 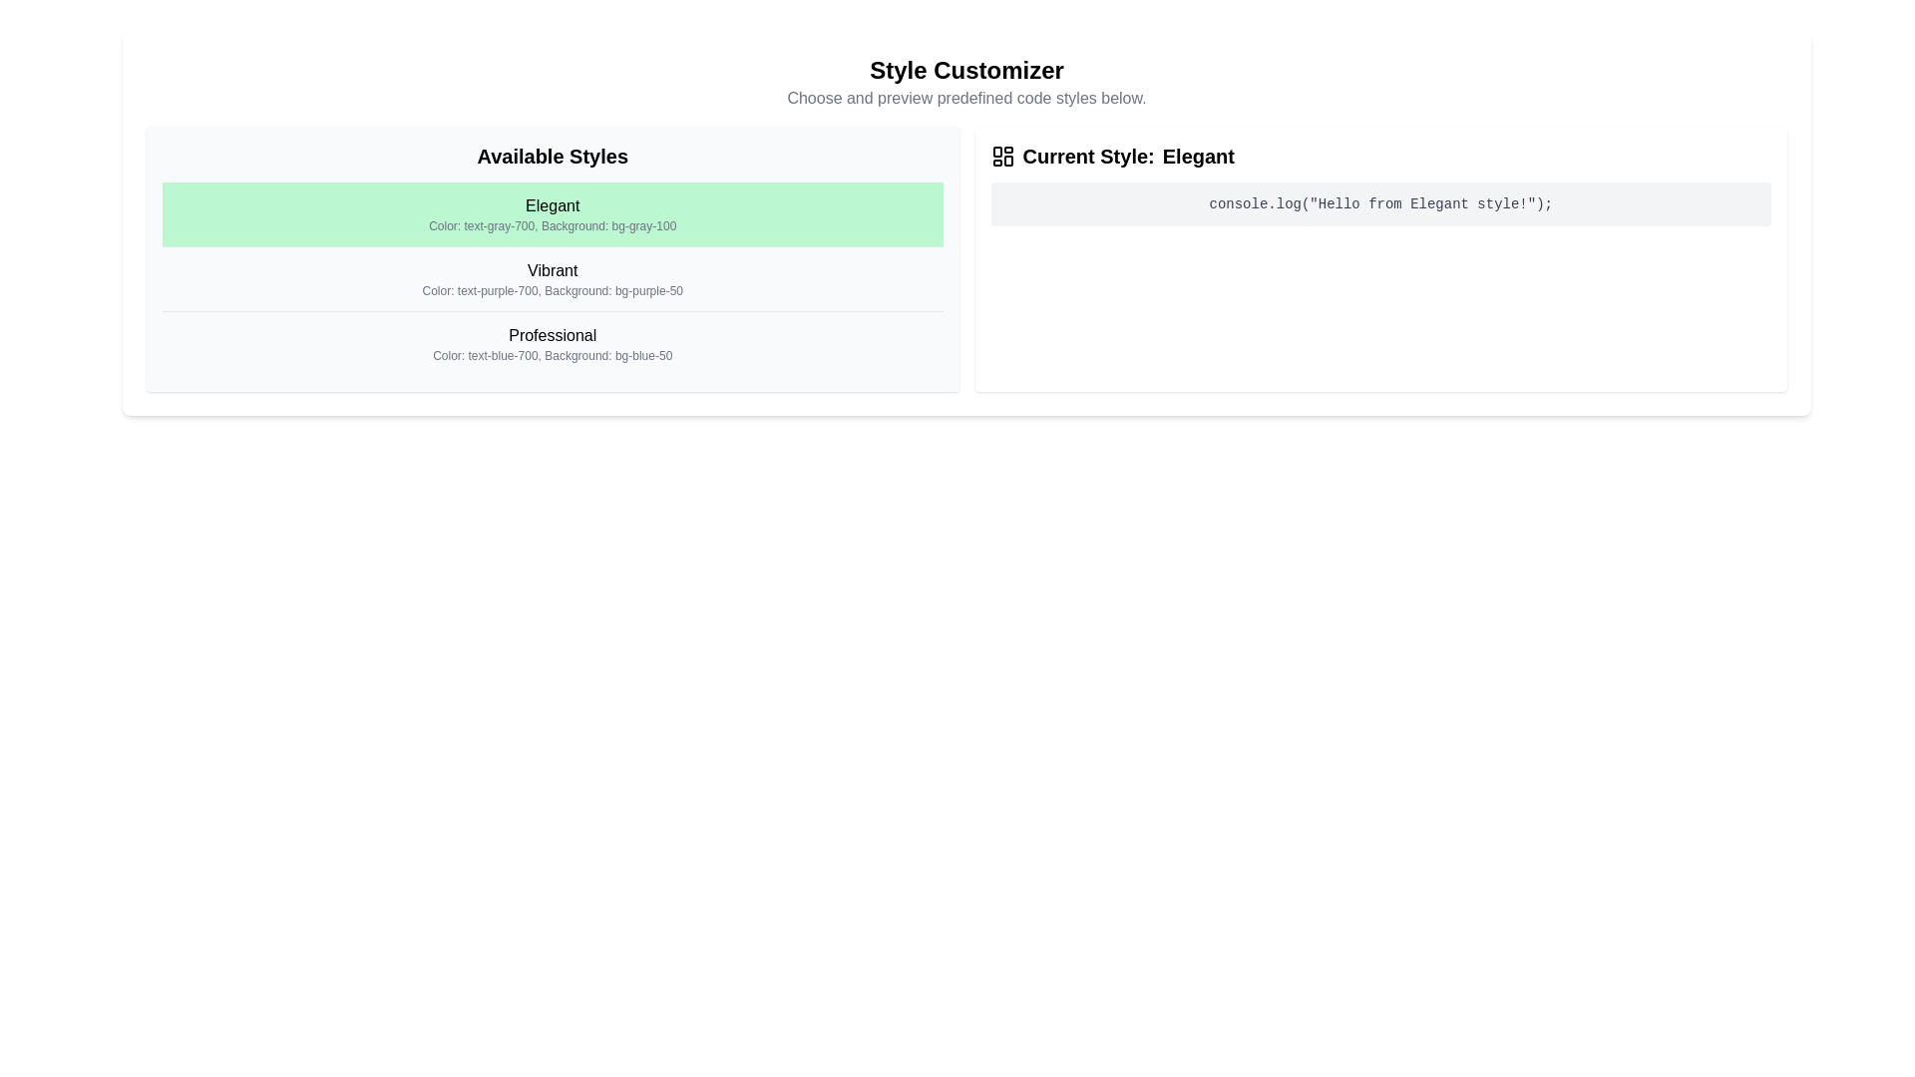 I want to click on the header label that introduces the section titled 'Available Styles' positioned above the style options, so click(x=553, y=156).